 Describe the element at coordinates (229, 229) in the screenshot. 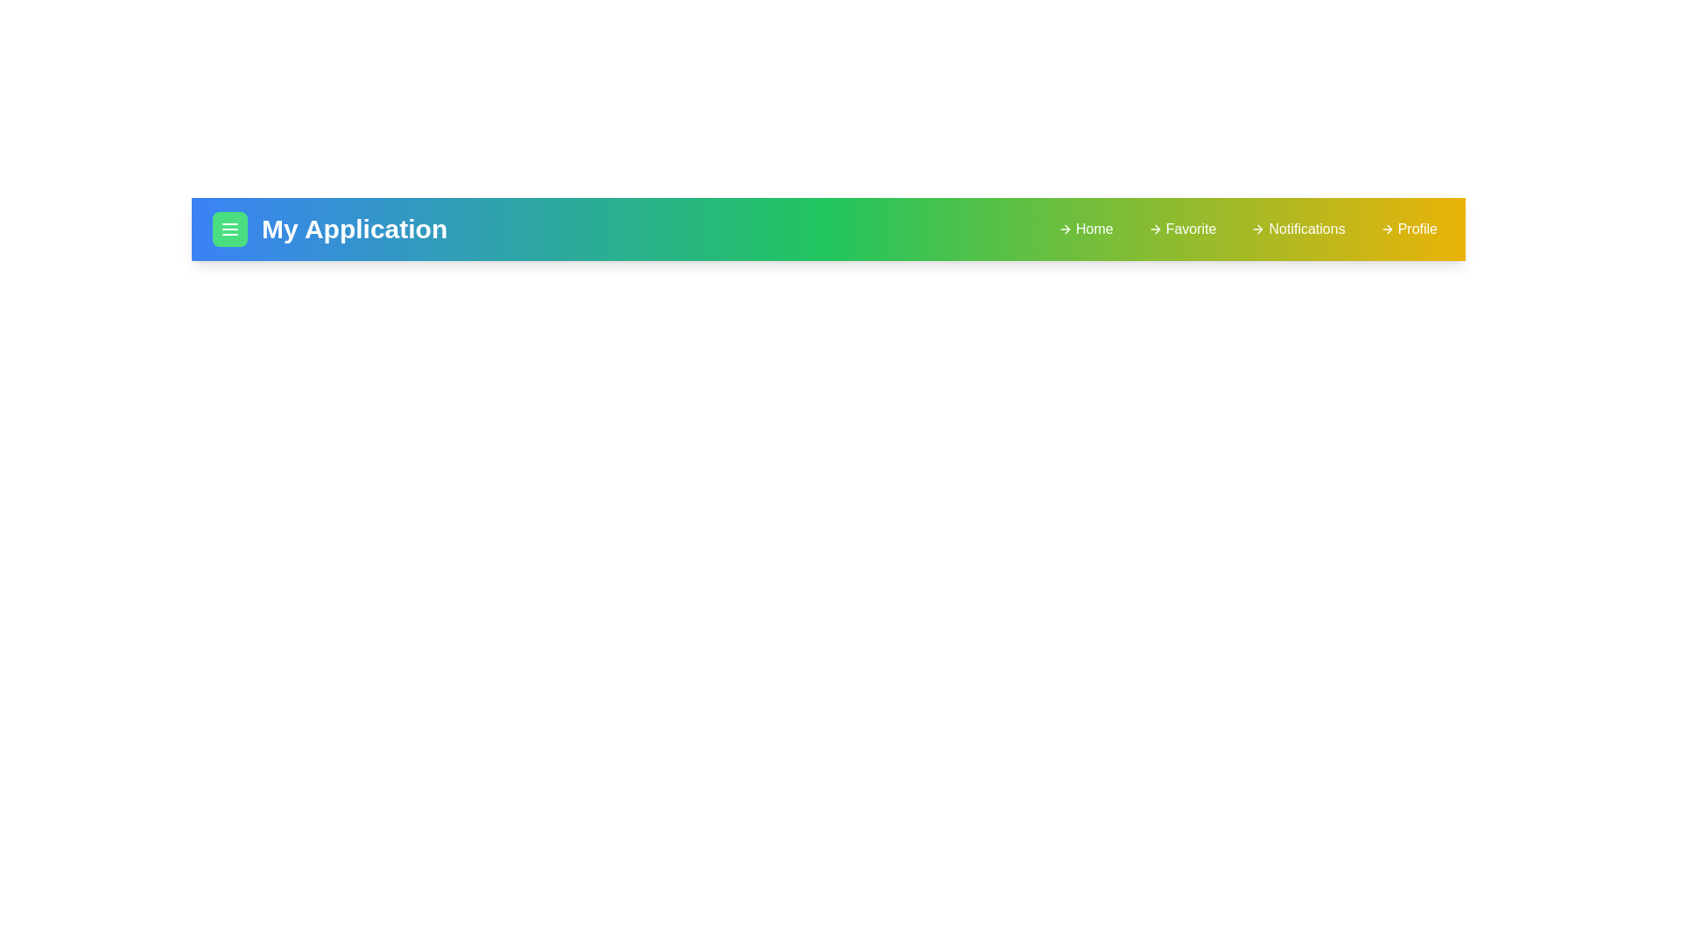

I see `the menu button to toggle the menu` at that location.